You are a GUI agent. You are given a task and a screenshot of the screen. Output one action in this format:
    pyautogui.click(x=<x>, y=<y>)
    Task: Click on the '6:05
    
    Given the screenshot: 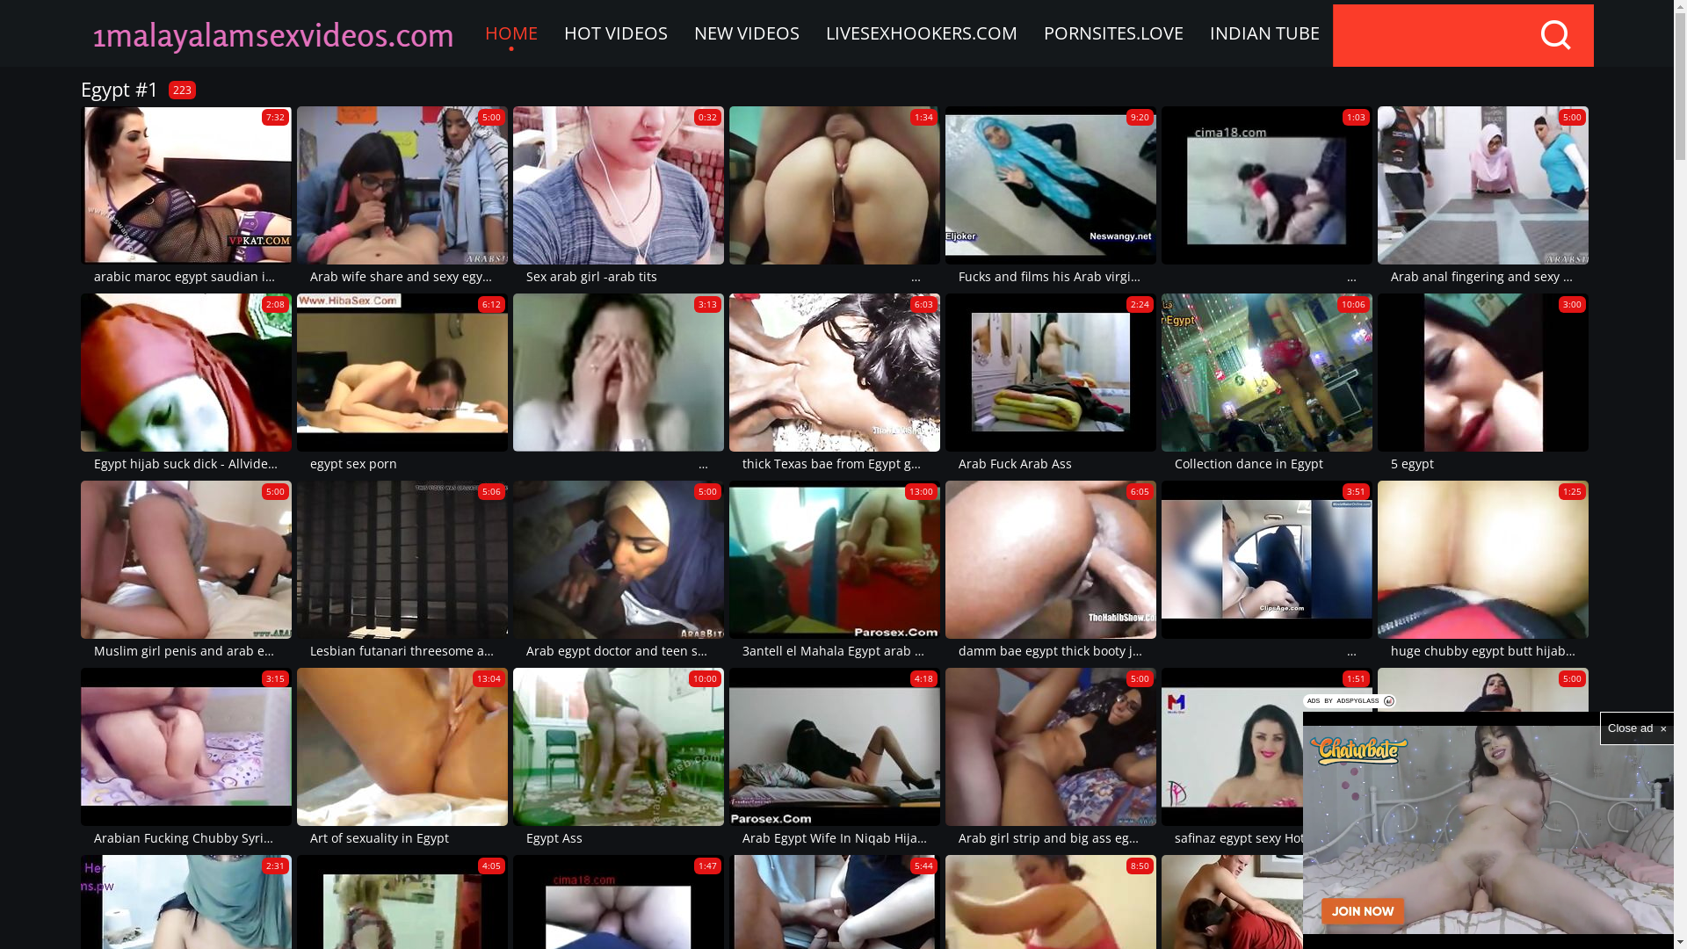 What is the action you would take?
    pyautogui.click(x=1050, y=571)
    